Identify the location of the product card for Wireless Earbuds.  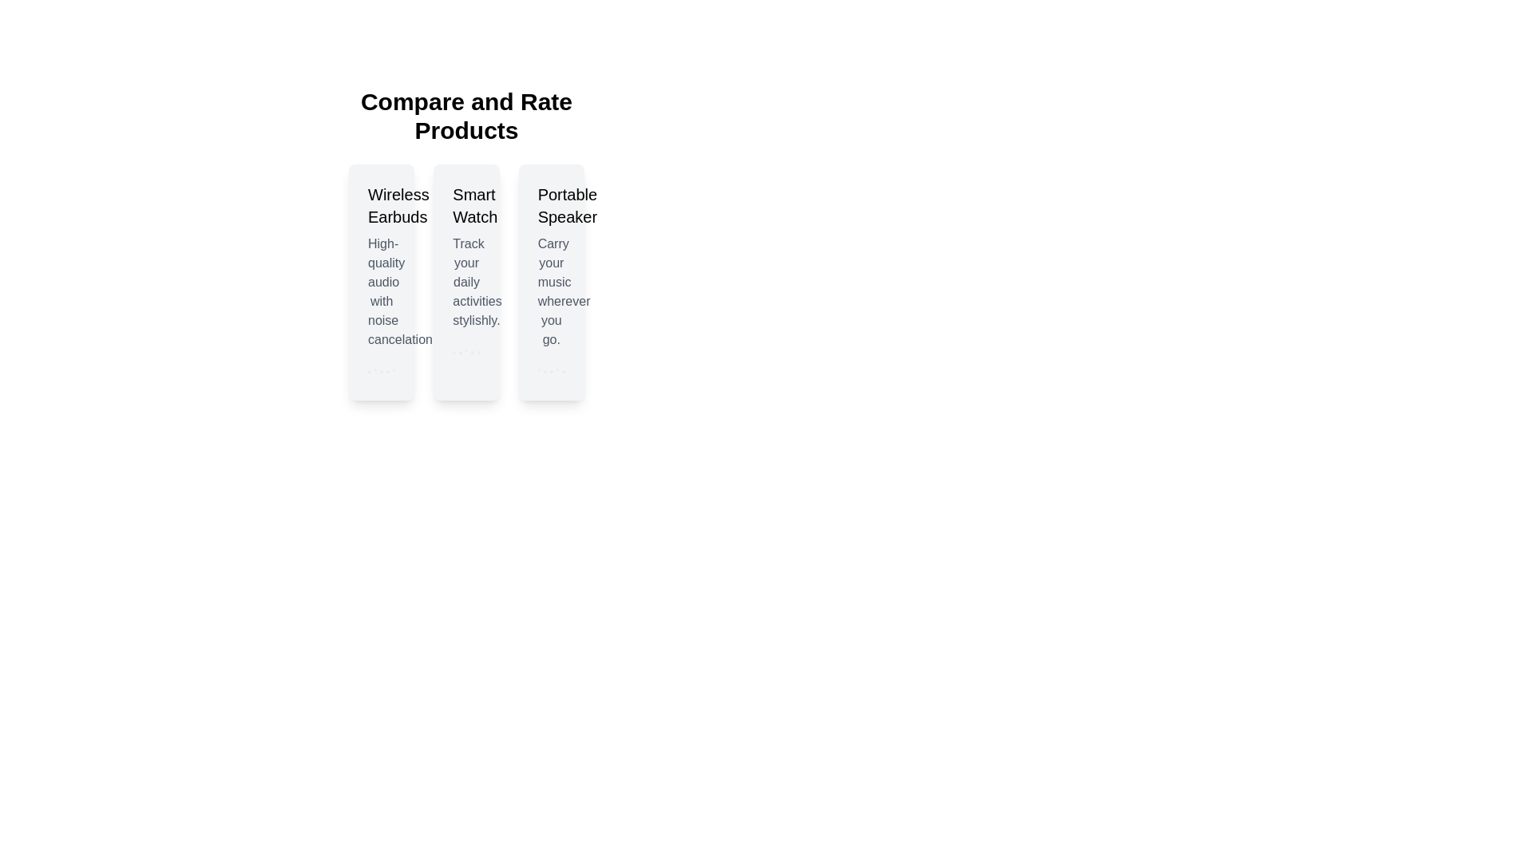
(381, 282).